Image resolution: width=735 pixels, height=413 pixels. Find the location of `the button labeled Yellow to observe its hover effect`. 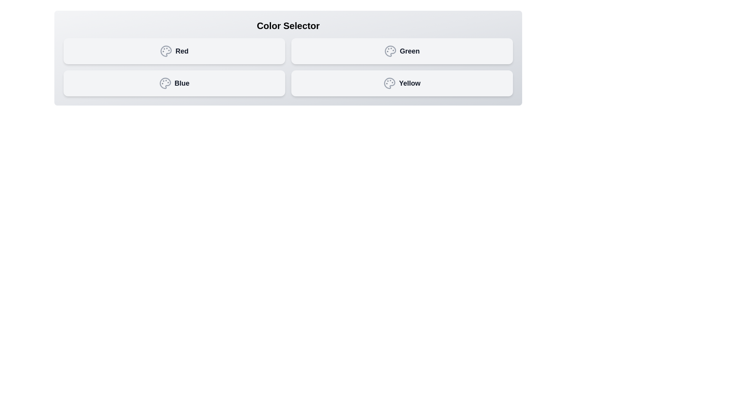

the button labeled Yellow to observe its hover effect is located at coordinates (402, 83).